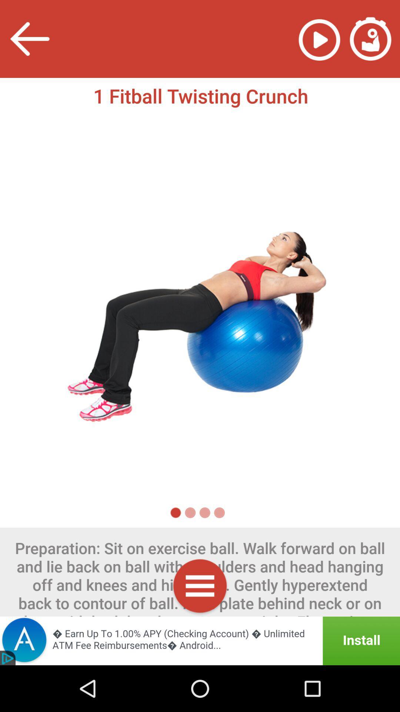 Image resolution: width=400 pixels, height=712 pixels. What do you see at coordinates (200, 640) in the screenshot?
I see `click advertisement` at bounding box center [200, 640].